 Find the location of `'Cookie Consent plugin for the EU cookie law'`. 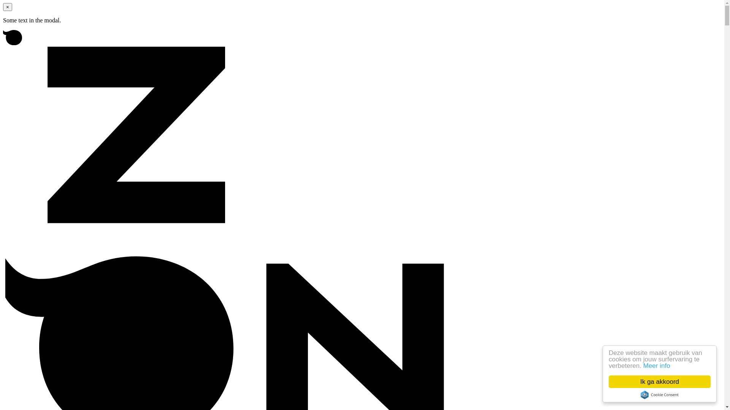

'Cookie Consent plugin for the EU cookie law' is located at coordinates (659, 394).